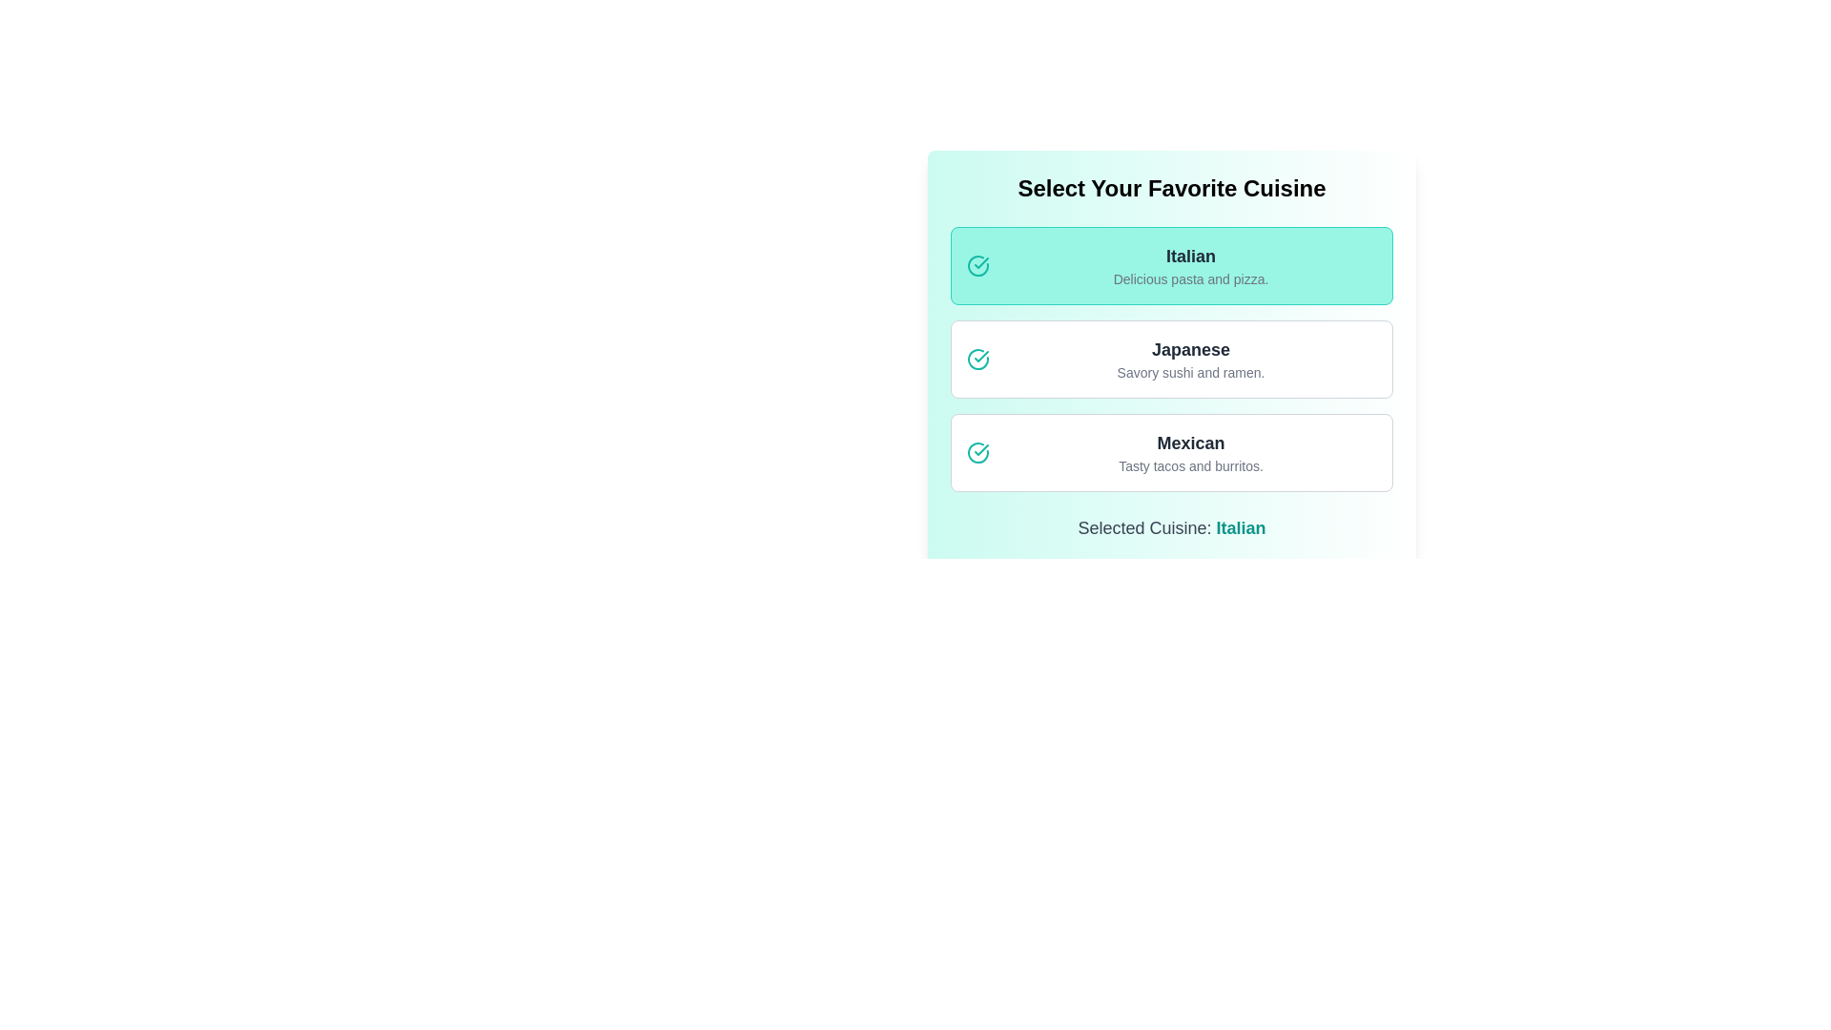 Image resolution: width=1831 pixels, height=1030 pixels. Describe the element at coordinates (978, 452) in the screenshot. I see `the state of the circular teal icon with a checkmark, located to the left of the text 'Mexican' in the 'Mexican: Tasty tacos and burritos.' section` at that location.